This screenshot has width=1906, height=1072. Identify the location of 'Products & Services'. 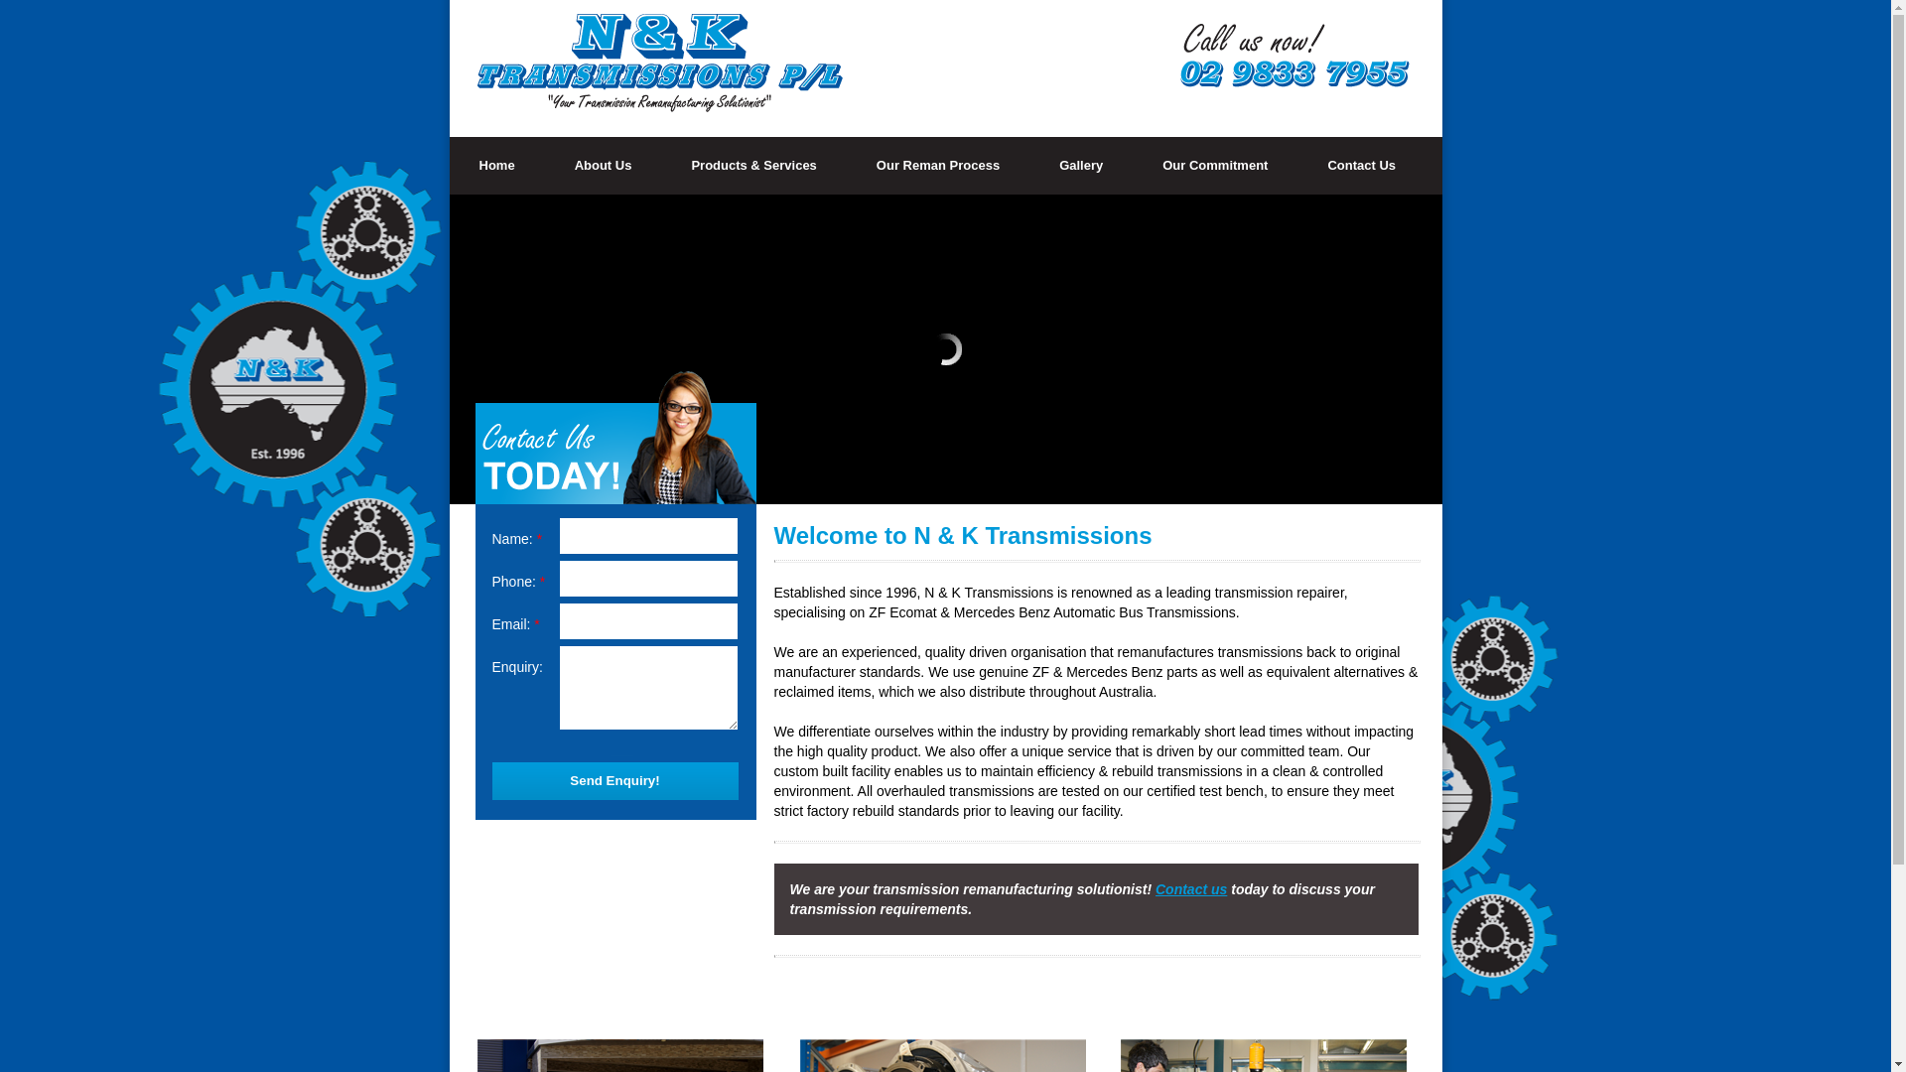
(751, 164).